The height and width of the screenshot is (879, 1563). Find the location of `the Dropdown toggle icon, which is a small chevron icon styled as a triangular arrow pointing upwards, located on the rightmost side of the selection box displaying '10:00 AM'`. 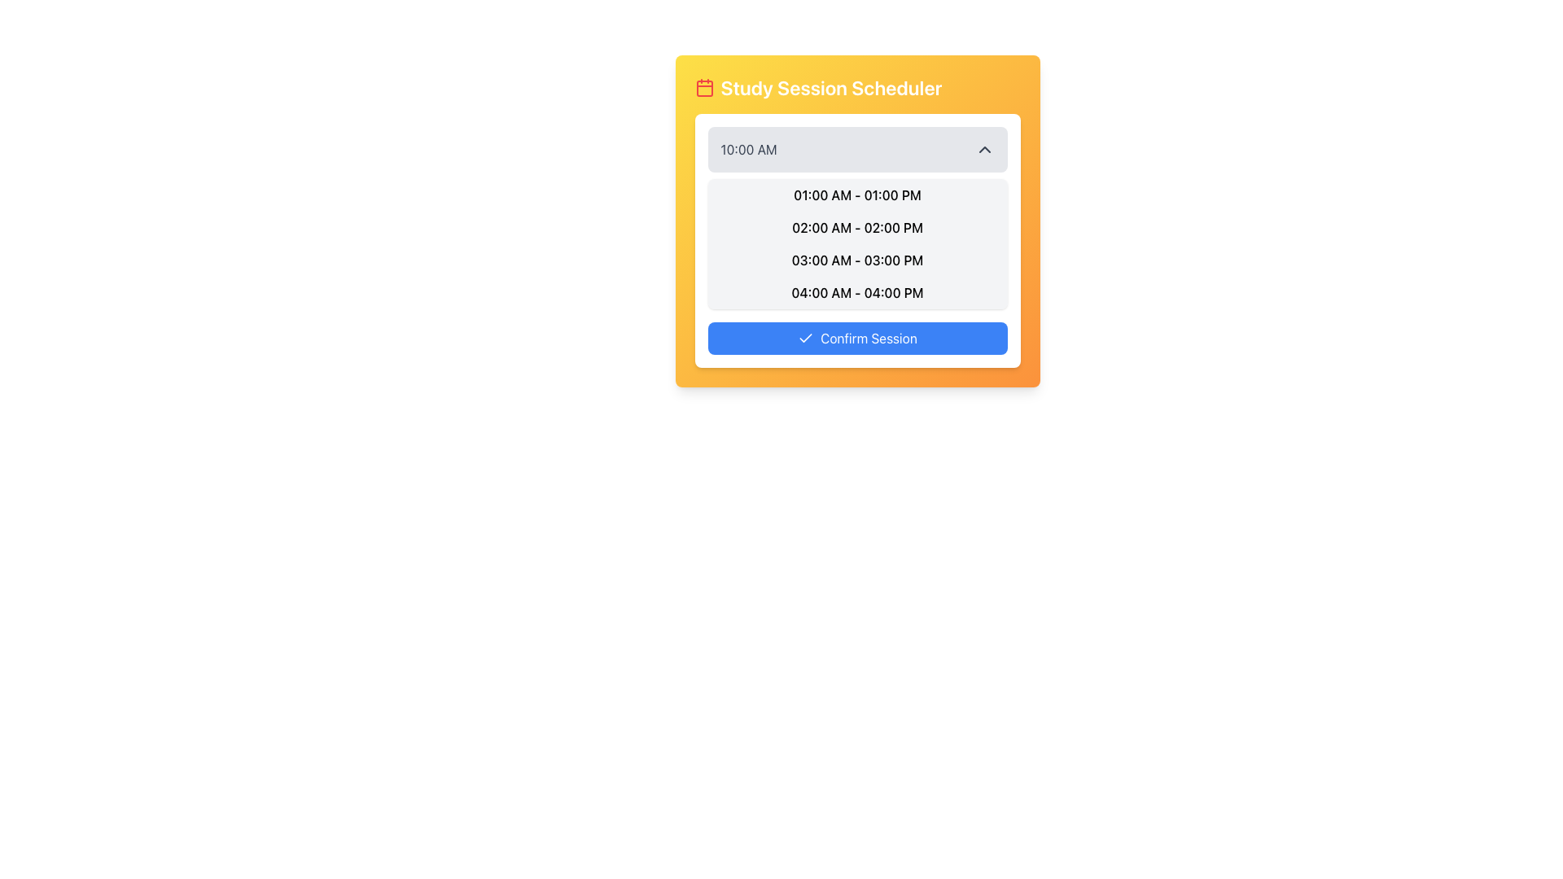

the Dropdown toggle icon, which is a small chevron icon styled as a triangular arrow pointing upwards, located on the rightmost side of the selection box displaying '10:00 AM' is located at coordinates (983, 150).